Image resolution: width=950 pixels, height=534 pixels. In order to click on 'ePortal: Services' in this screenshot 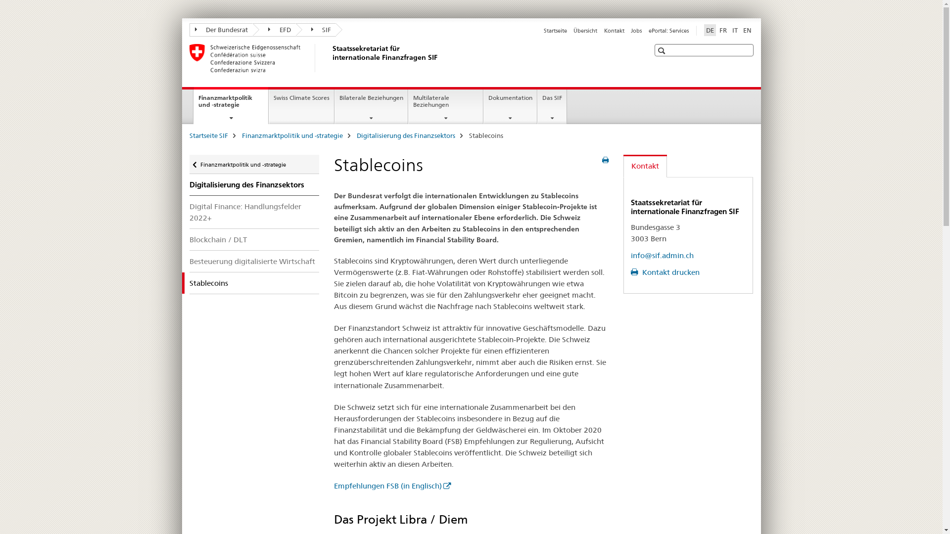, I will do `click(668, 30)`.